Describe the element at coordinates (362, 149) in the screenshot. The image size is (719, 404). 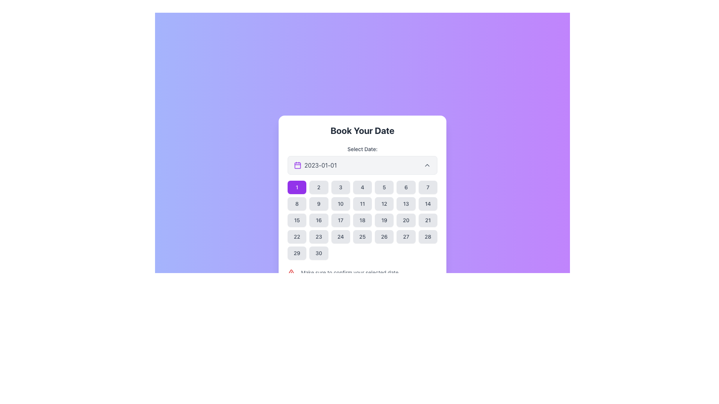
I see `the text label that reads 'Select Date:', which is styled with a small font size and medium weight, positioned above the date input field` at that location.